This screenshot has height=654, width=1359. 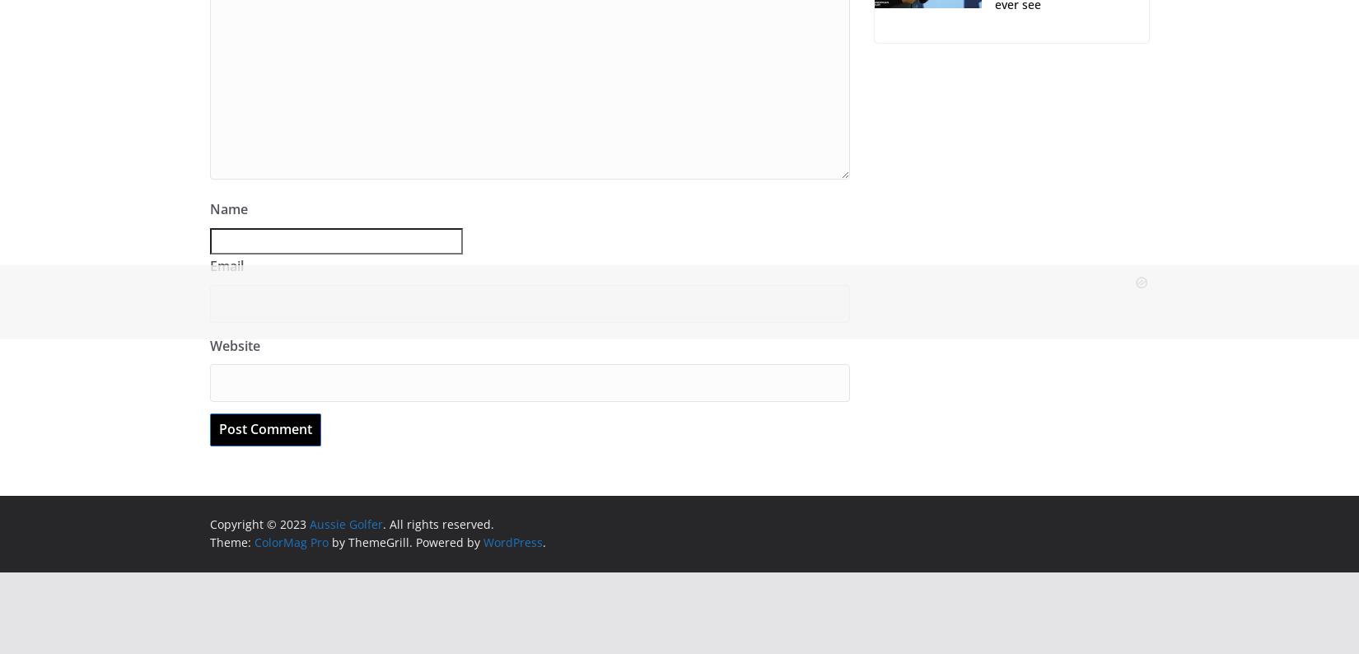 What do you see at coordinates (209, 523) in the screenshot?
I see `'Copyright © 2023'` at bounding box center [209, 523].